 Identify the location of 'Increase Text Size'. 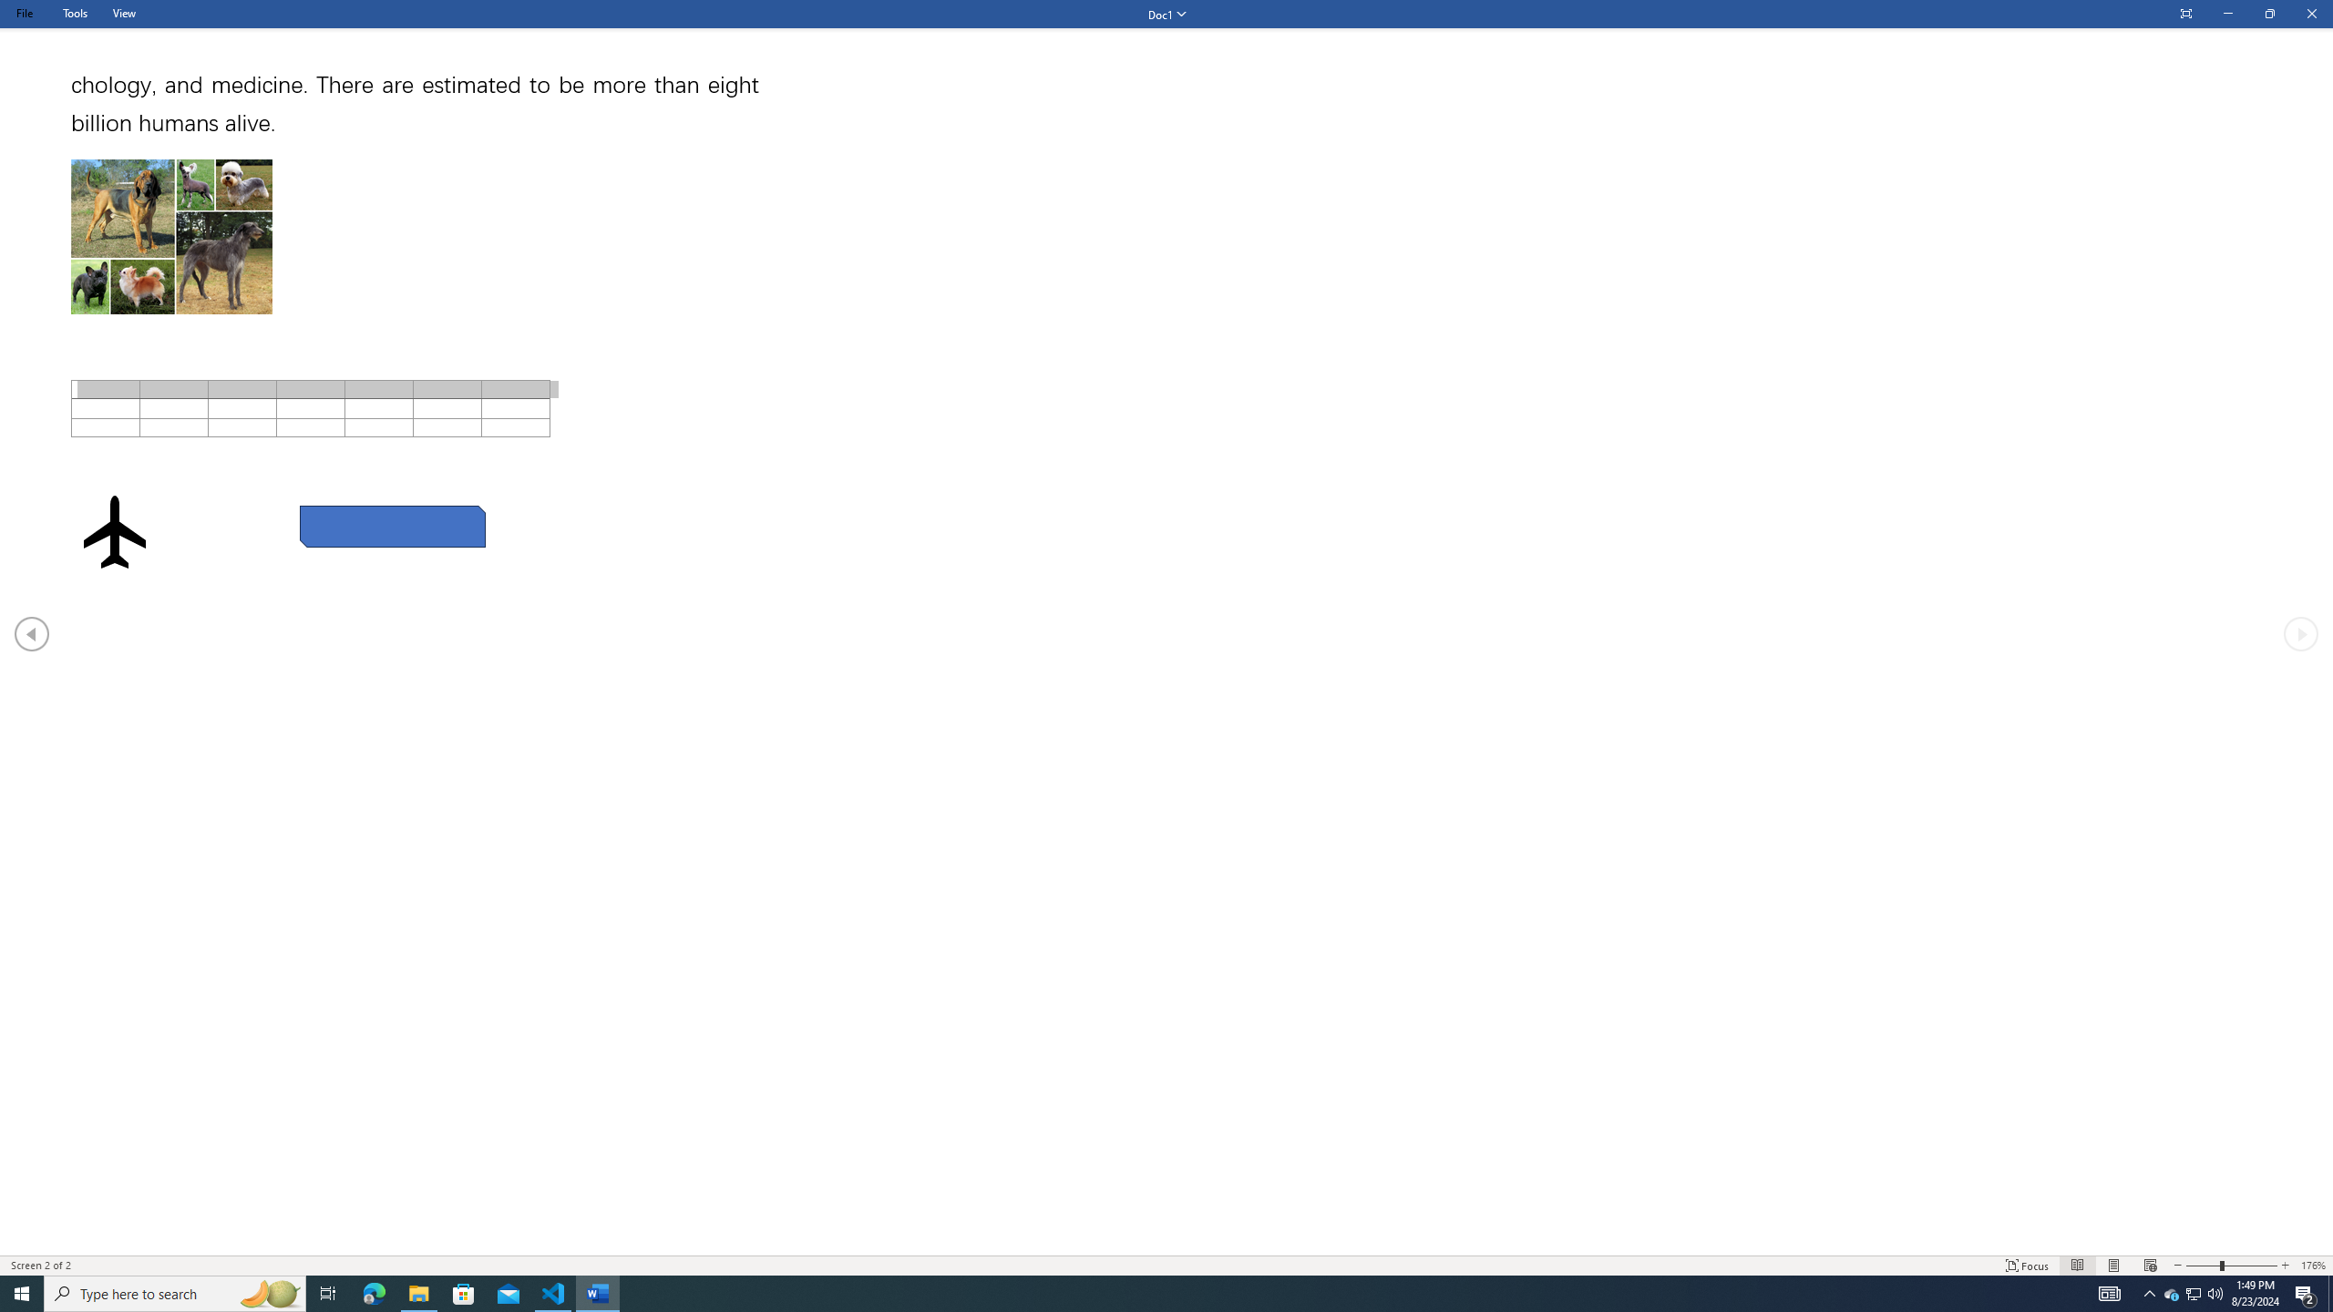
(2285, 1266).